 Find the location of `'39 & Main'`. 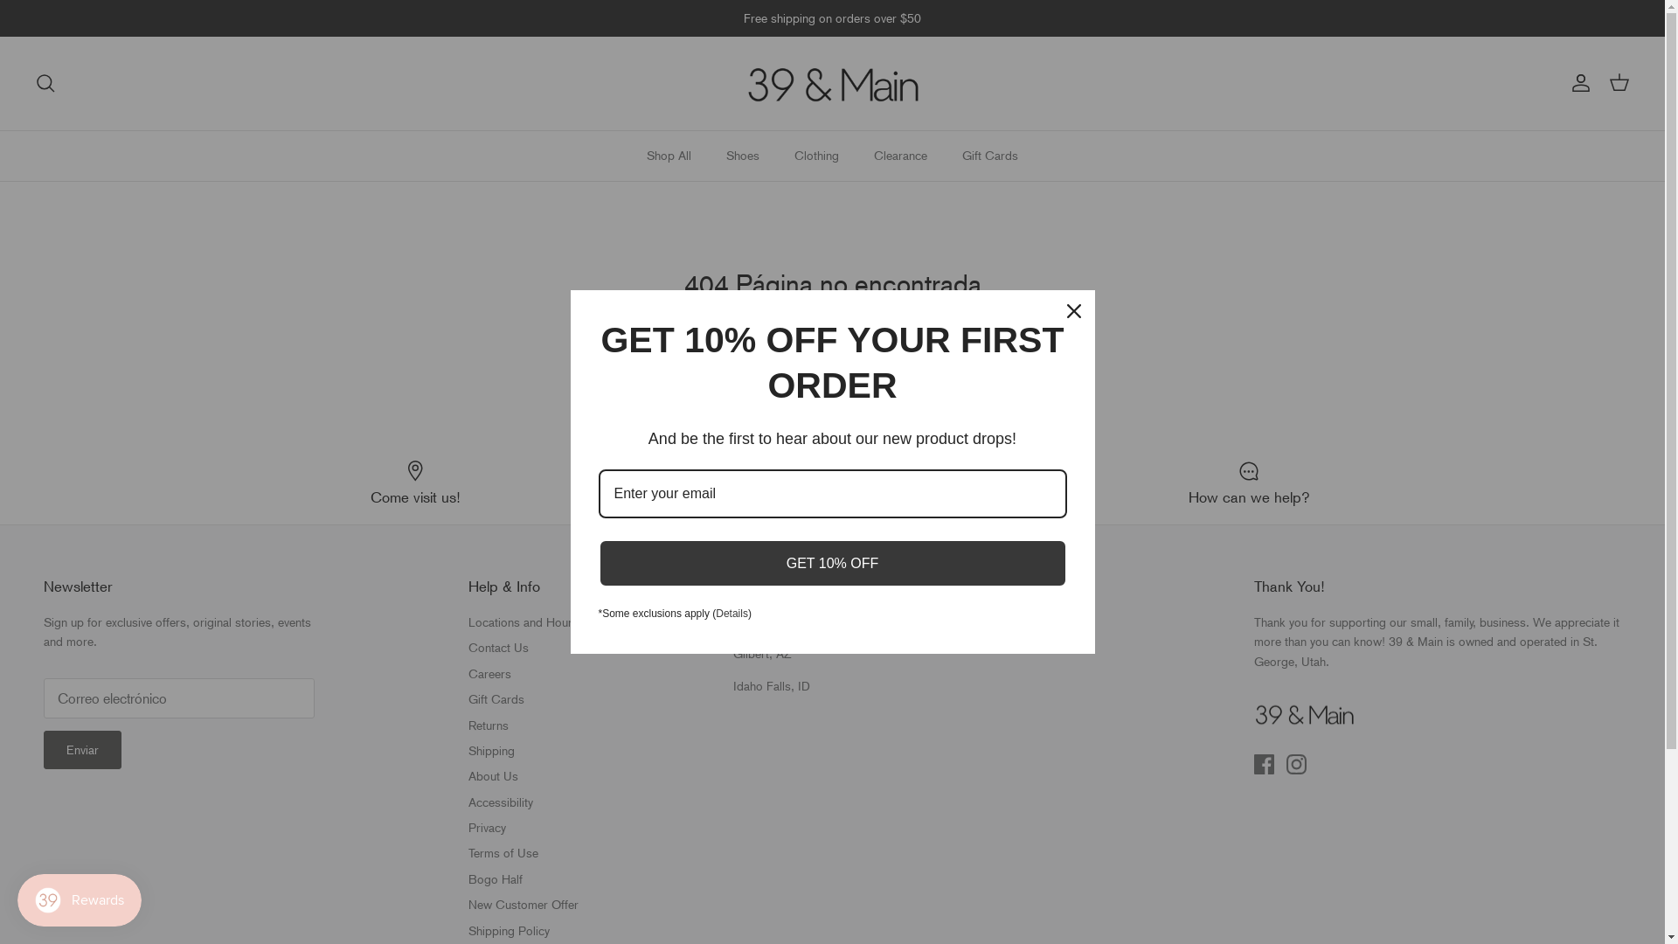

'39 & Main' is located at coordinates (830, 83).